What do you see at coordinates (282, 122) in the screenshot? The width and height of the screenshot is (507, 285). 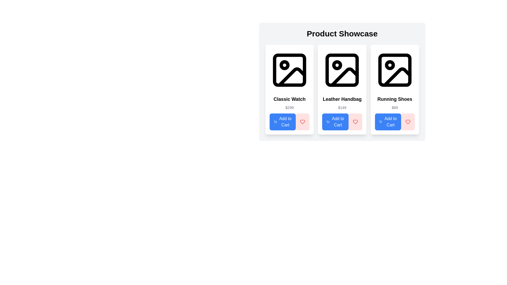 I see `the 'Add to Cart' button located below the item description and price of the first item (Classic Watch) in the product showcase grid` at bounding box center [282, 122].